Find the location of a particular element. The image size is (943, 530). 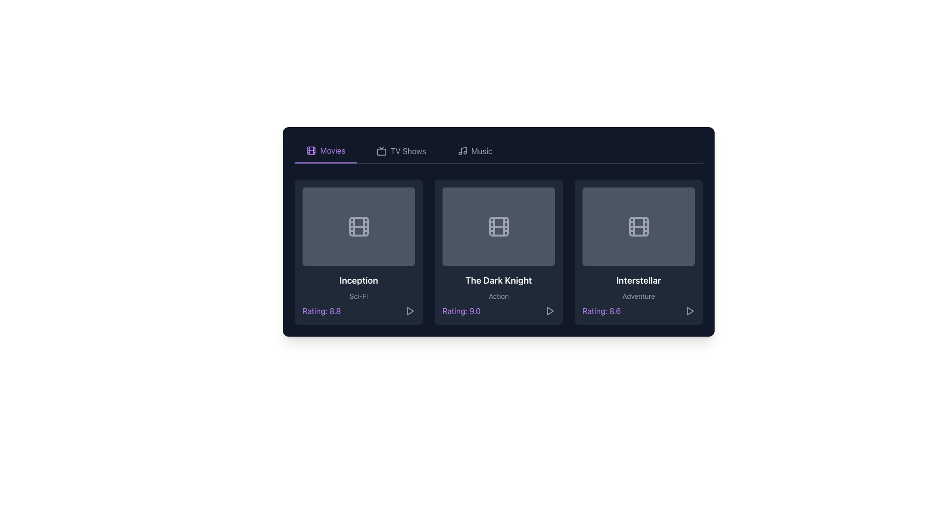

the film genre icon located in the upper half of the third card in the horizontal list of movie cards is located at coordinates (638, 227).